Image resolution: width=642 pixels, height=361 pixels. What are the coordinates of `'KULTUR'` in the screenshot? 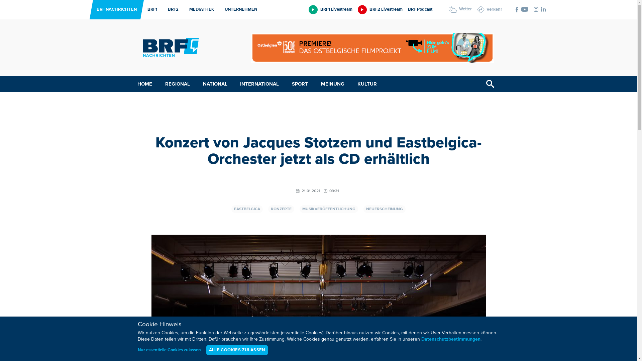 It's located at (367, 84).